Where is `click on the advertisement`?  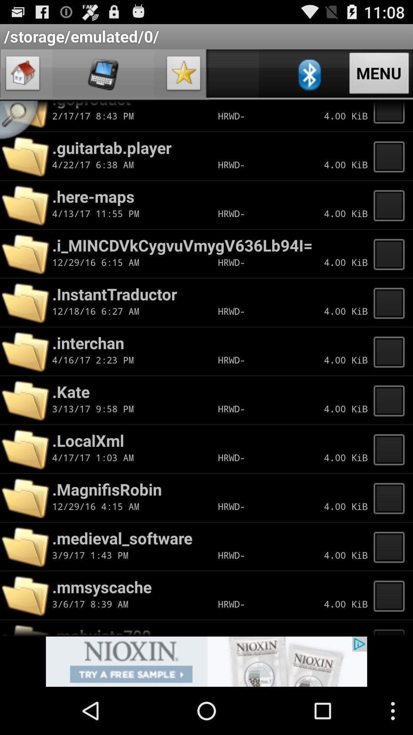 click on the advertisement is located at coordinates (206, 661).